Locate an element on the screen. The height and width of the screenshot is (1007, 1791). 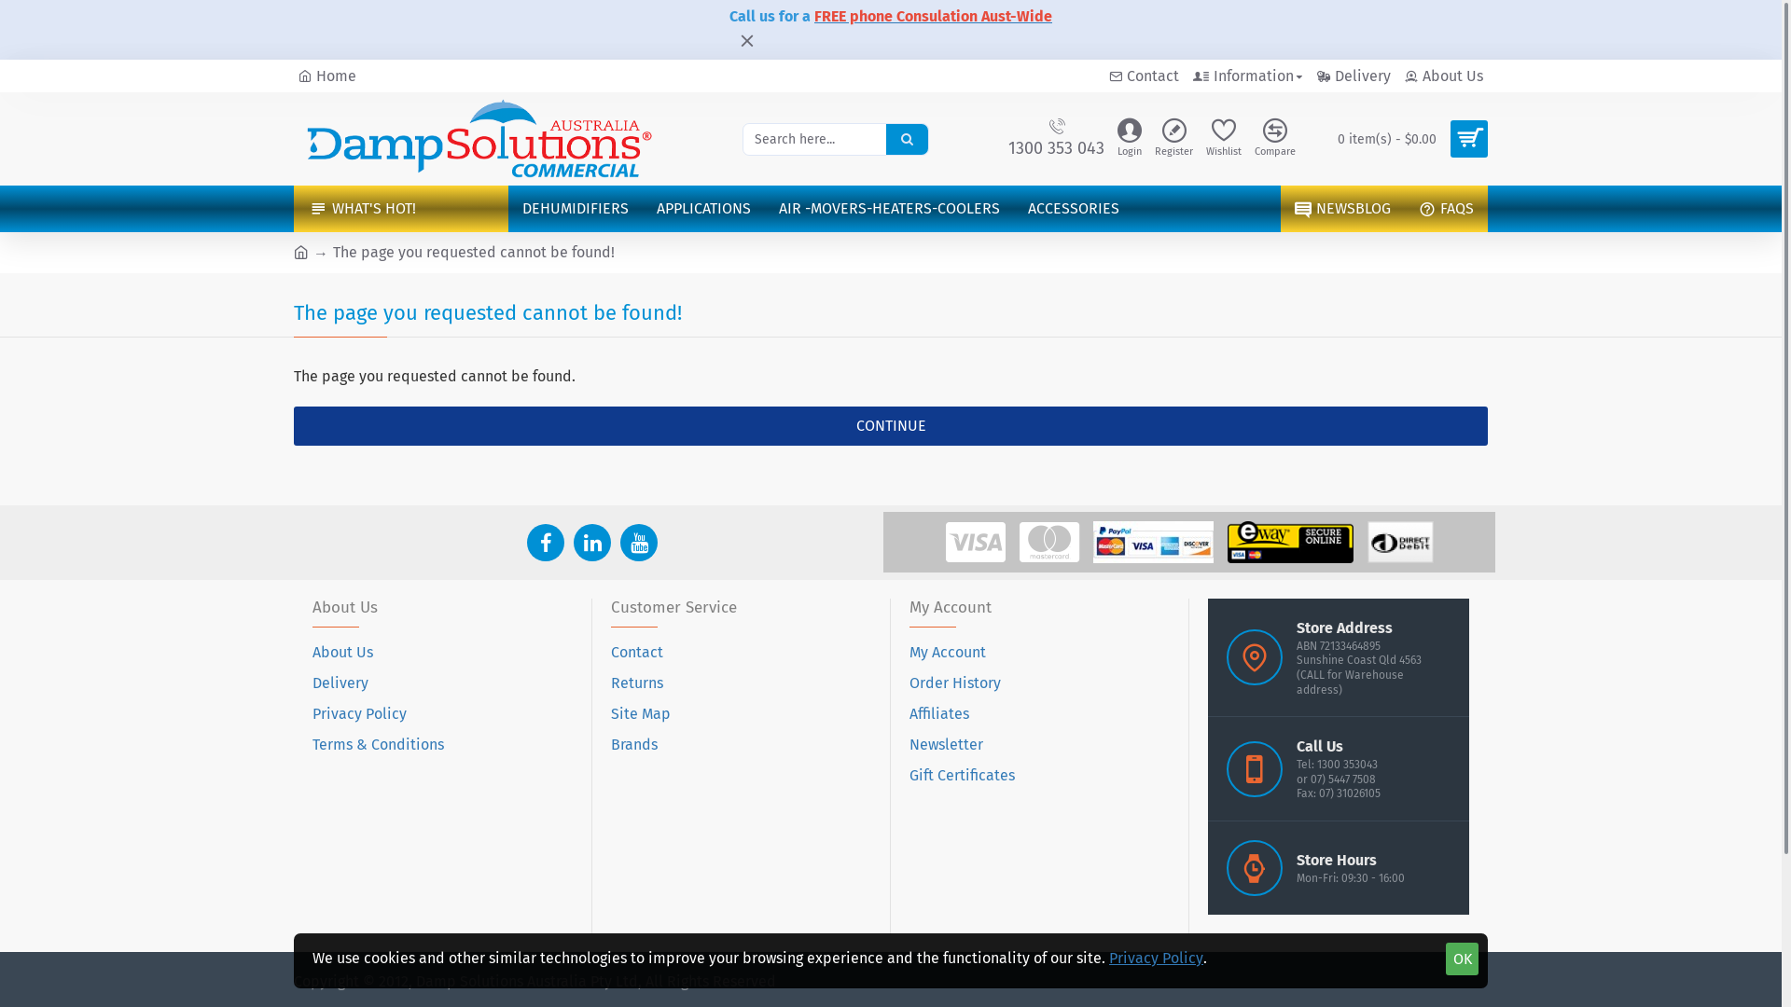
'Affiliates' is located at coordinates (939, 717).